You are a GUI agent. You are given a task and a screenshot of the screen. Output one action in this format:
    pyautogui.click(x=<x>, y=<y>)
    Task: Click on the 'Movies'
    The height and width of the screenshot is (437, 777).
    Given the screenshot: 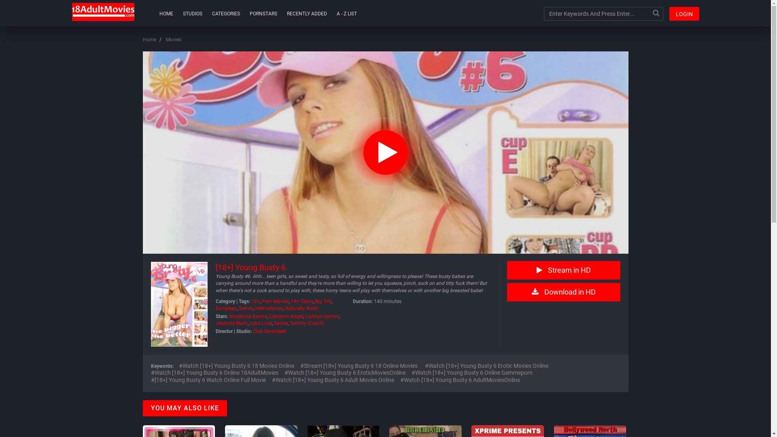 What is the action you would take?
    pyautogui.click(x=173, y=39)
    